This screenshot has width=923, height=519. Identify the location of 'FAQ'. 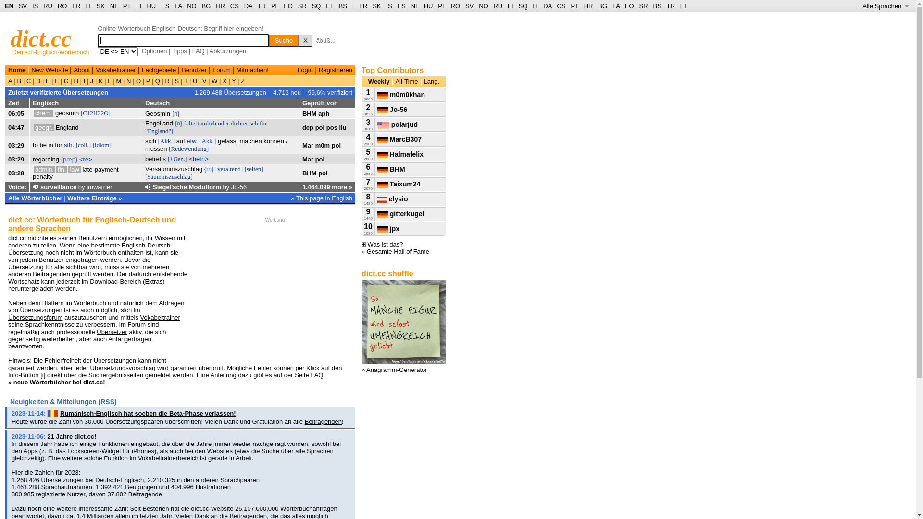
(316, 374).